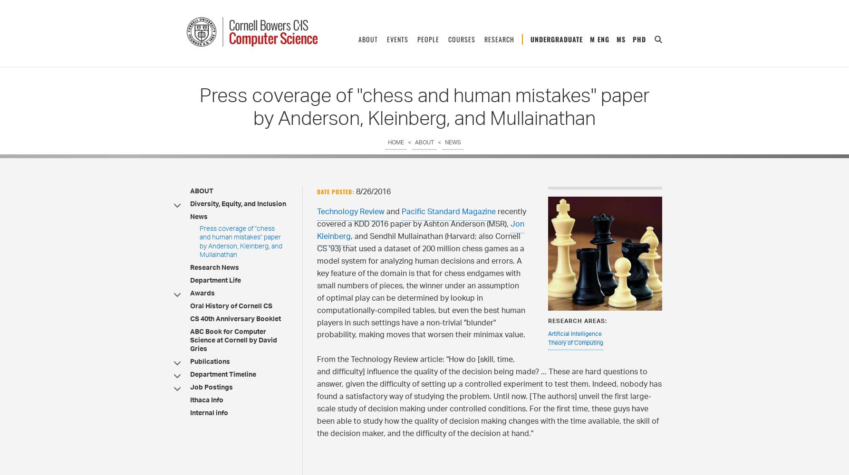  Describe the element at coordinates (395, 142) in the screenshot. I see `'Home'` at that location.